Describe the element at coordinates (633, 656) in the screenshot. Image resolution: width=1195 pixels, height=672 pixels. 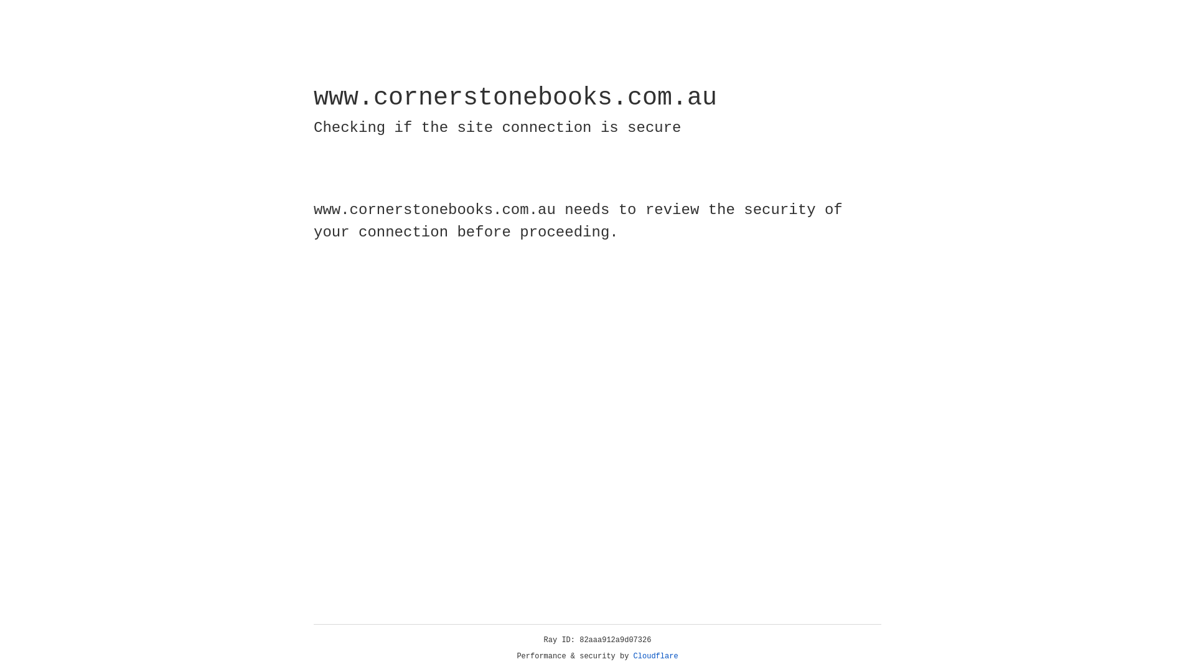
I see `'Cloudflare'` at that location.